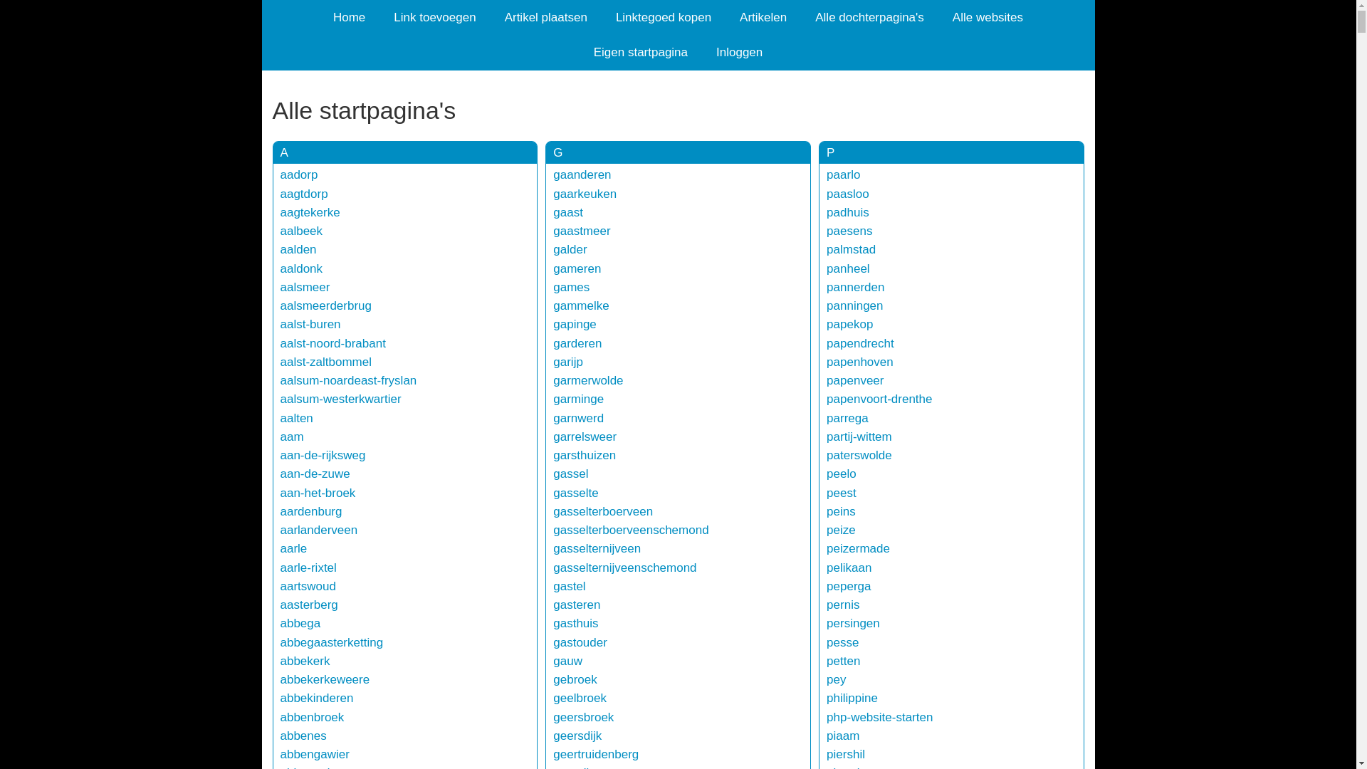 The height and width of the screenshot is (769, 1367). What do you see at coordinates (869, 17) in the screenshot?
I see `'Alle dochterpagina's'` at bounding box center [869, 17].